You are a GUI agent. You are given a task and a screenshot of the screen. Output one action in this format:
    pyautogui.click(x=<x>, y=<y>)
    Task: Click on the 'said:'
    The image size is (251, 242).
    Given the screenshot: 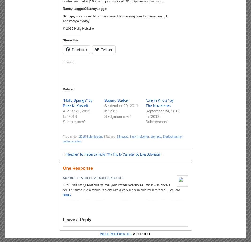 What is the action you would take?
    pyautogui.click(x=117, y=177)
    